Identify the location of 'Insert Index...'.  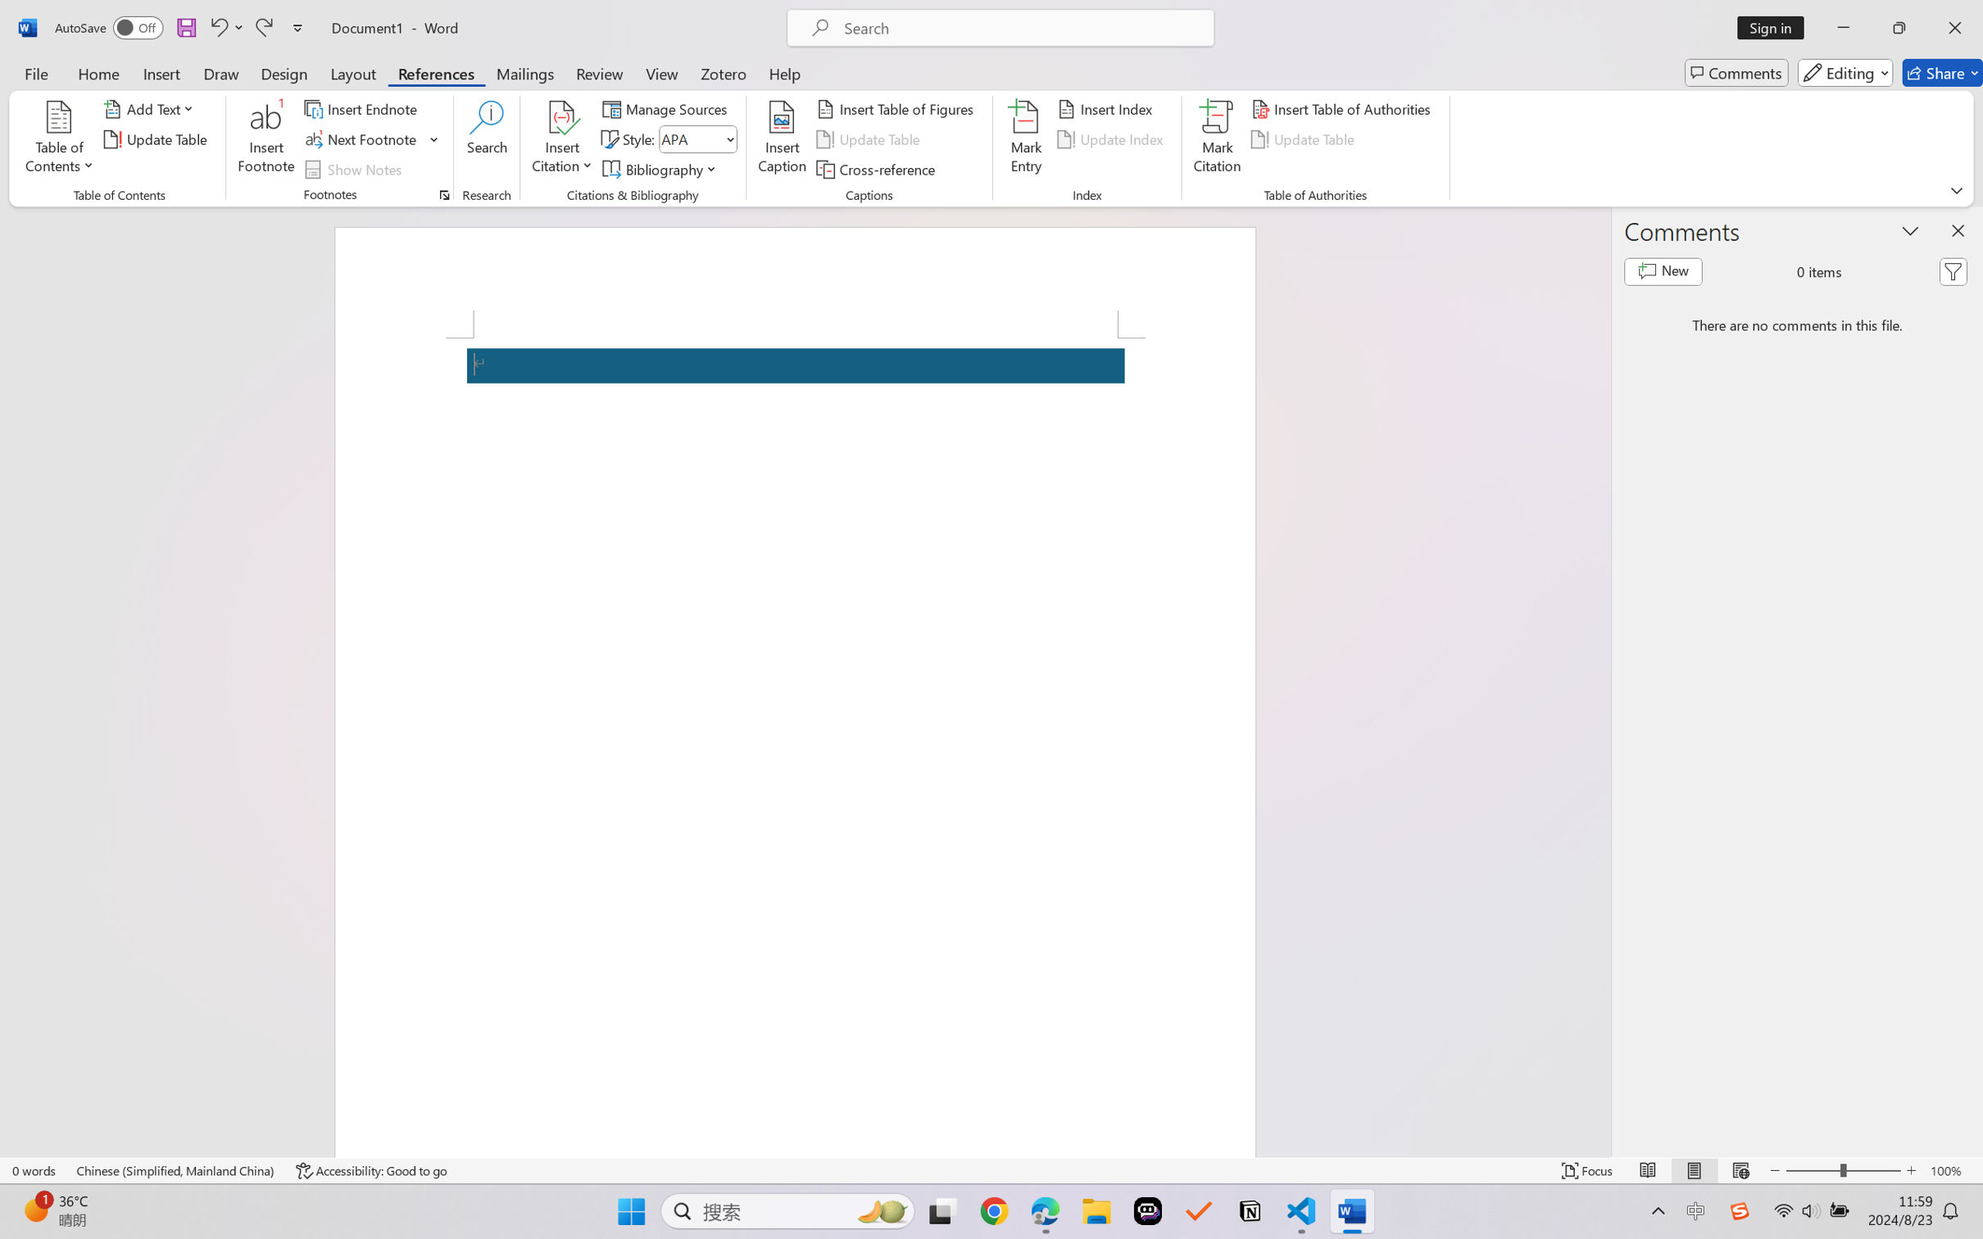
(1106, 107).